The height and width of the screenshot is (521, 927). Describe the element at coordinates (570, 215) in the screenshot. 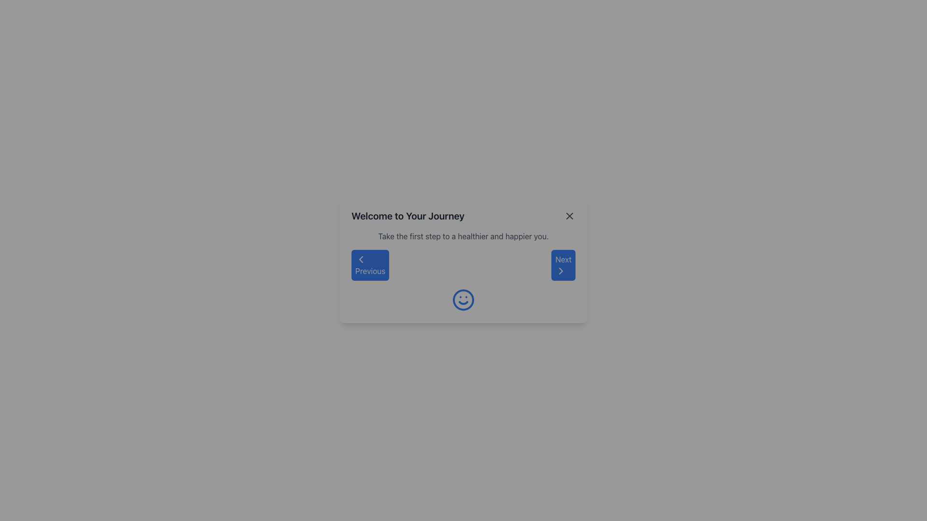

I see `the 'X' icon button for closing located at the top right corner of the dialog box under the title 'Welcome to Your Journey'` at that location.